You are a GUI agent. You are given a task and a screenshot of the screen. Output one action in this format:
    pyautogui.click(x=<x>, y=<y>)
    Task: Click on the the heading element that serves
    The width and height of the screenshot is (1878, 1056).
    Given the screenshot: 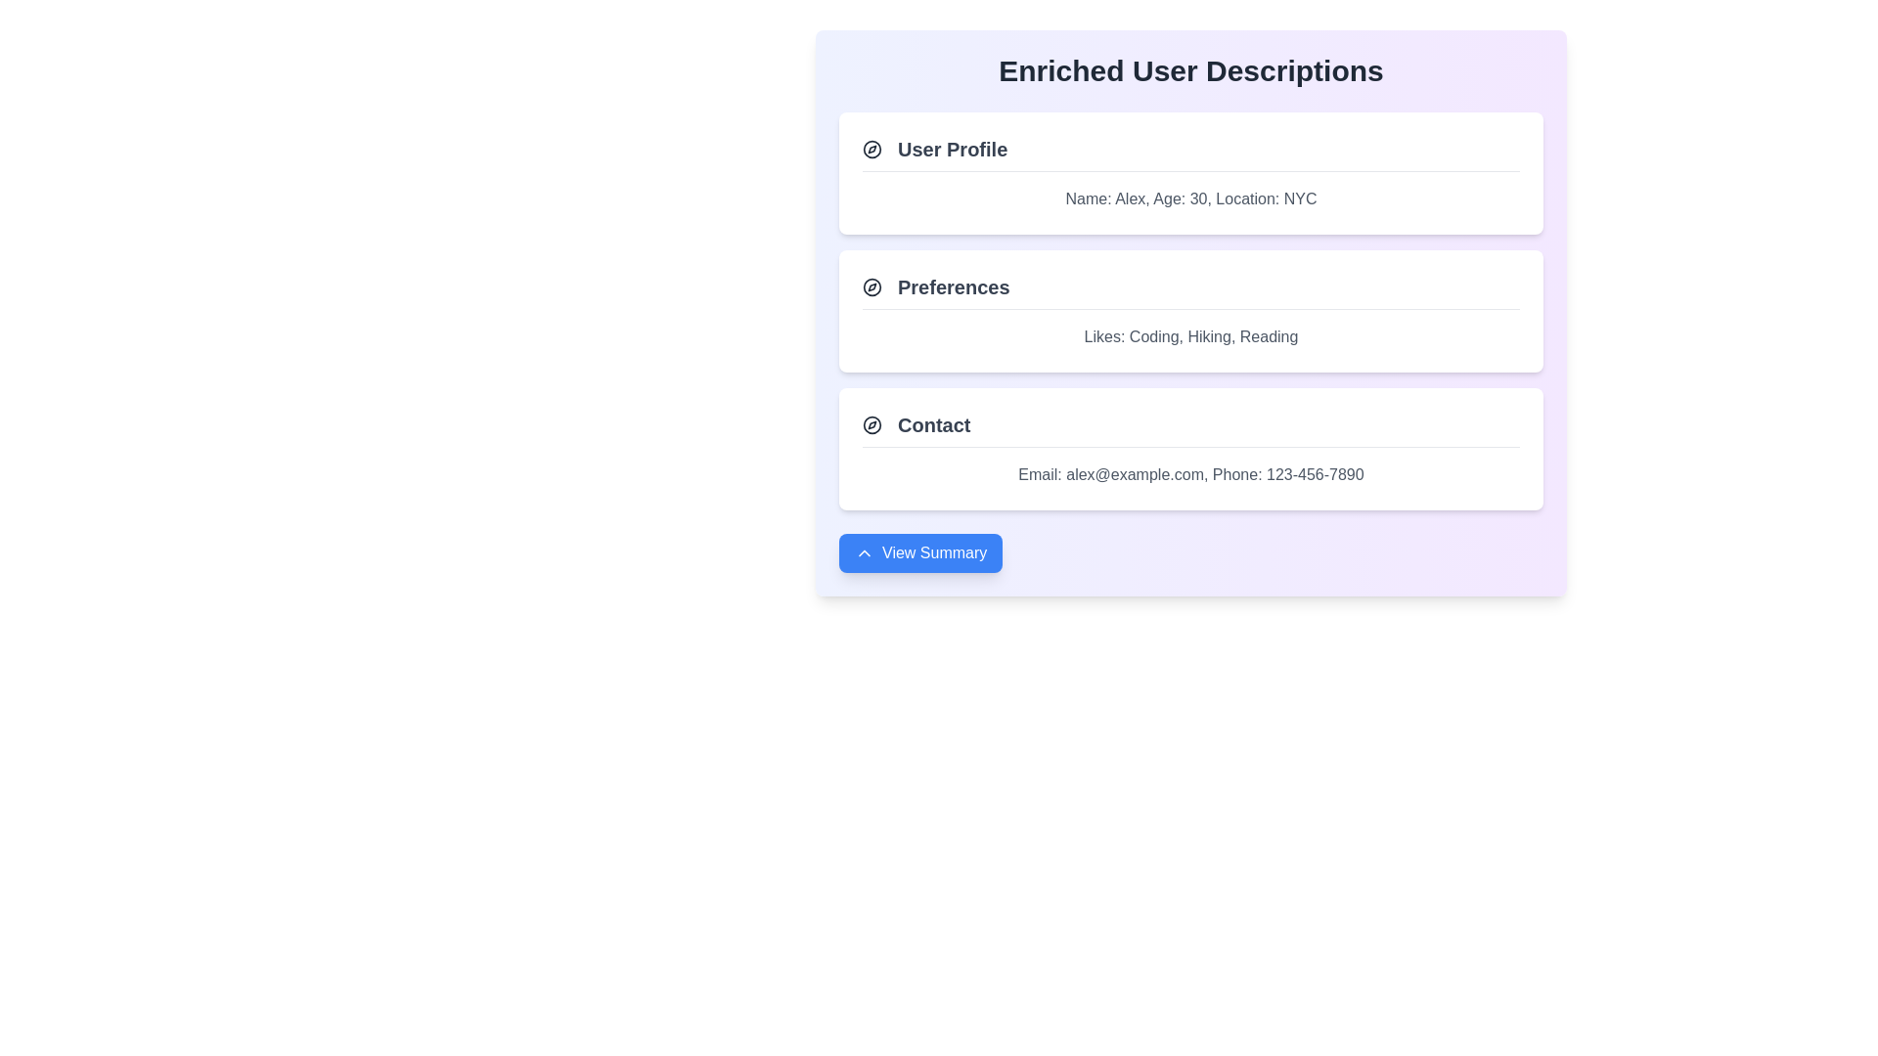 What is the action you would take?
    pyautogui.click(x=1190, y=291)
    